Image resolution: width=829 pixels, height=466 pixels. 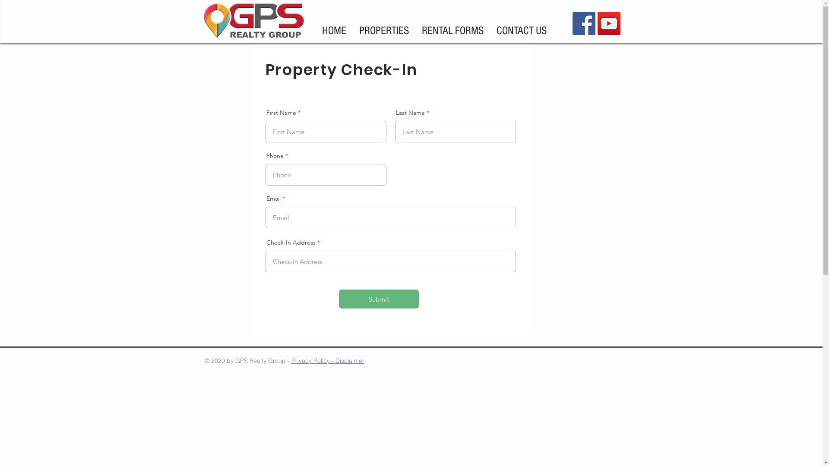 I want to click on 'RENTAL FORMS', so click(x=452, y=31).